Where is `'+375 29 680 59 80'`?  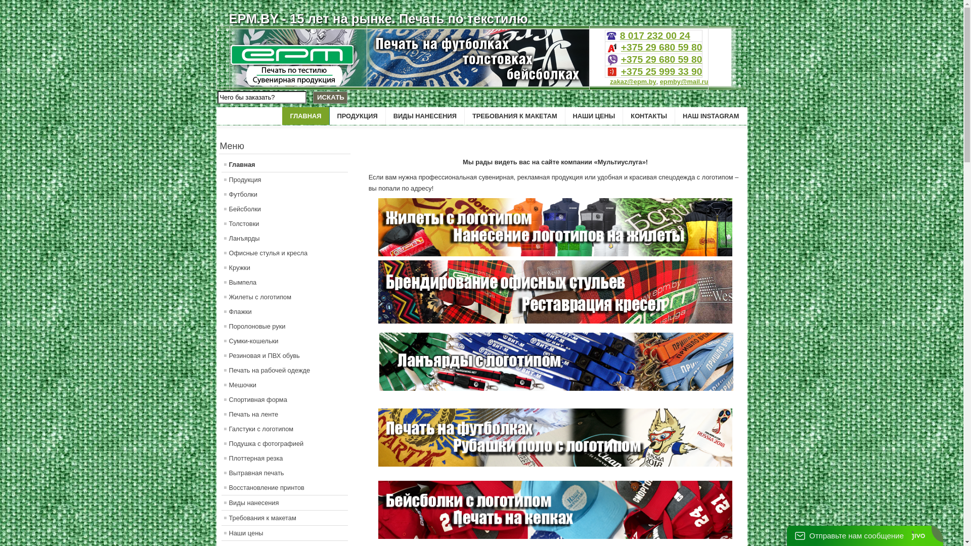
'+375 29 680 59 80' is located at coordinates (661, 47).